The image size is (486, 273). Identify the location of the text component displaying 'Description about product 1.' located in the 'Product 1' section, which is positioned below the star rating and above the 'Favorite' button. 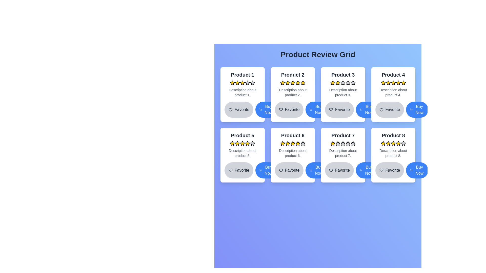
(242, 93).